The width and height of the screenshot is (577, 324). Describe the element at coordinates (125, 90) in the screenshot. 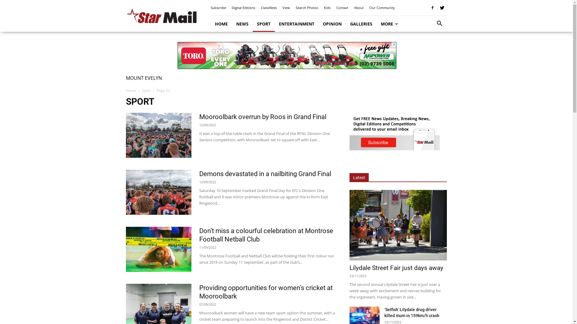

I see `'Home'` at that location.